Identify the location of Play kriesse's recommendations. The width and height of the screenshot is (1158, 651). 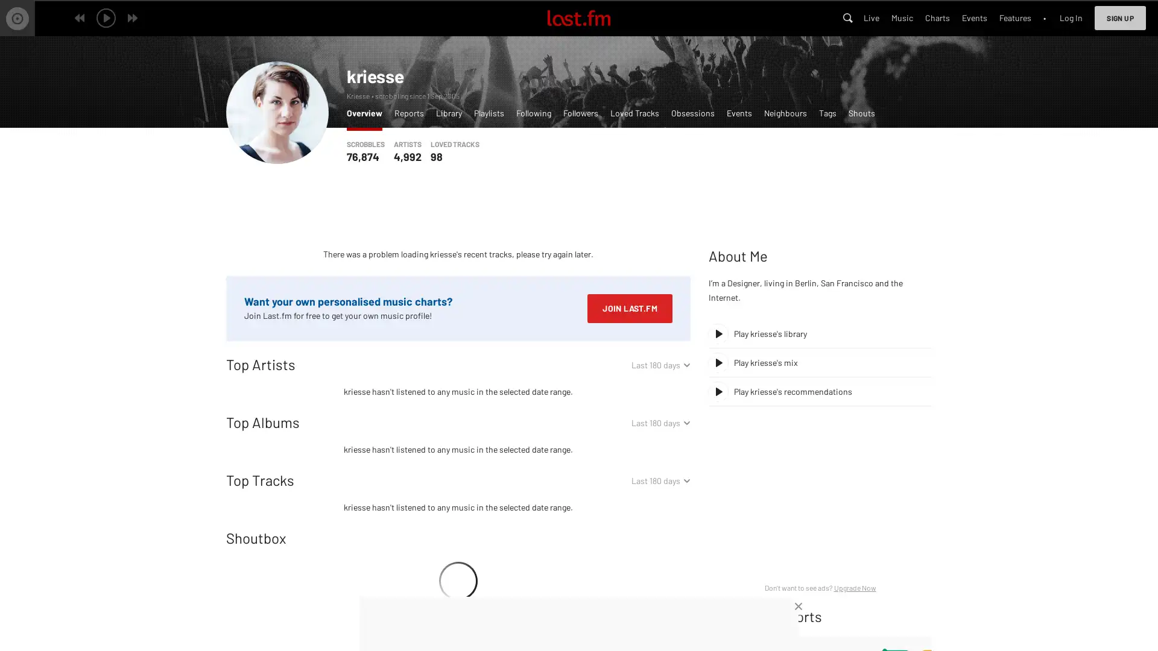
(820, 392).